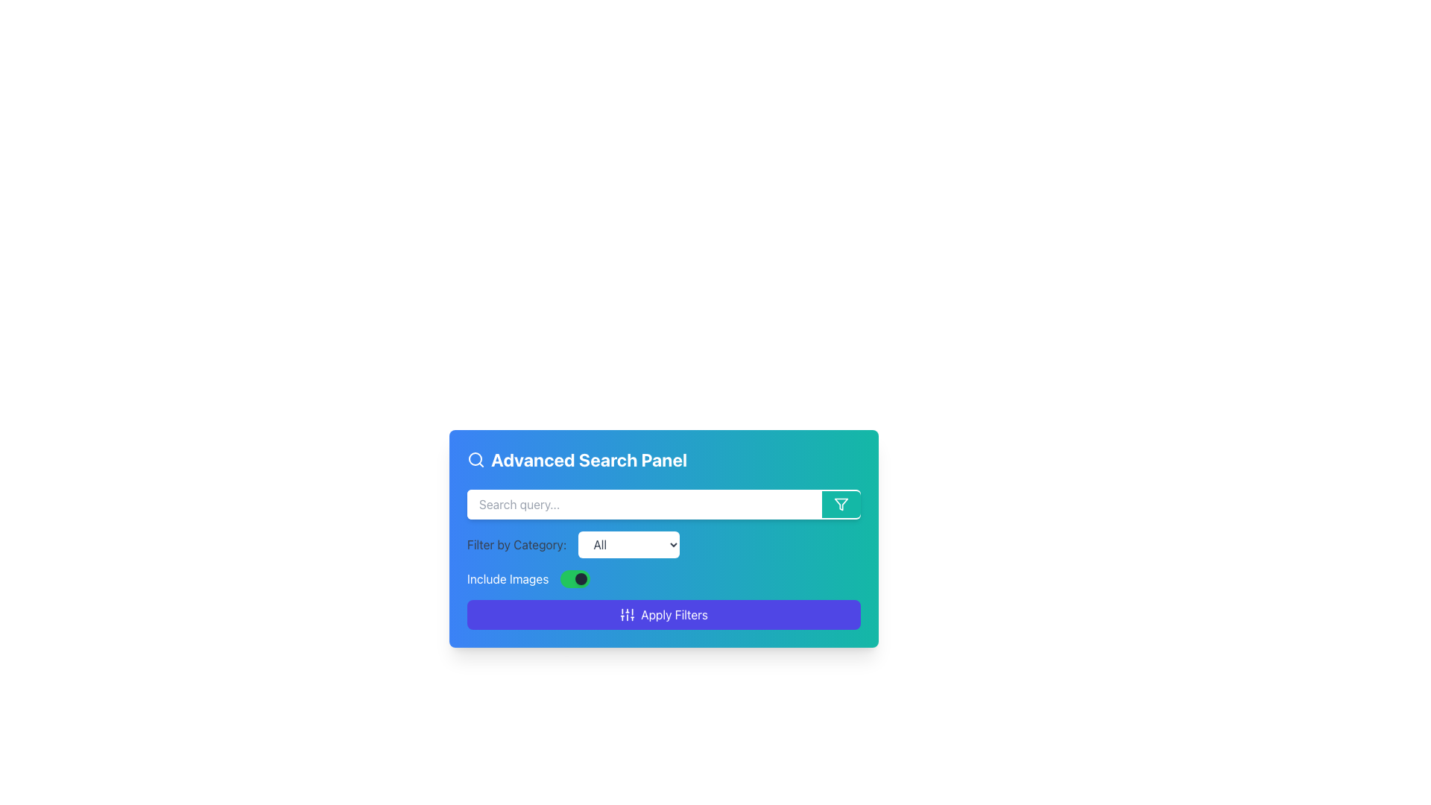  I want to click on the dropdown menu located in the 'Filter by Category:' section, so click(629, 545).